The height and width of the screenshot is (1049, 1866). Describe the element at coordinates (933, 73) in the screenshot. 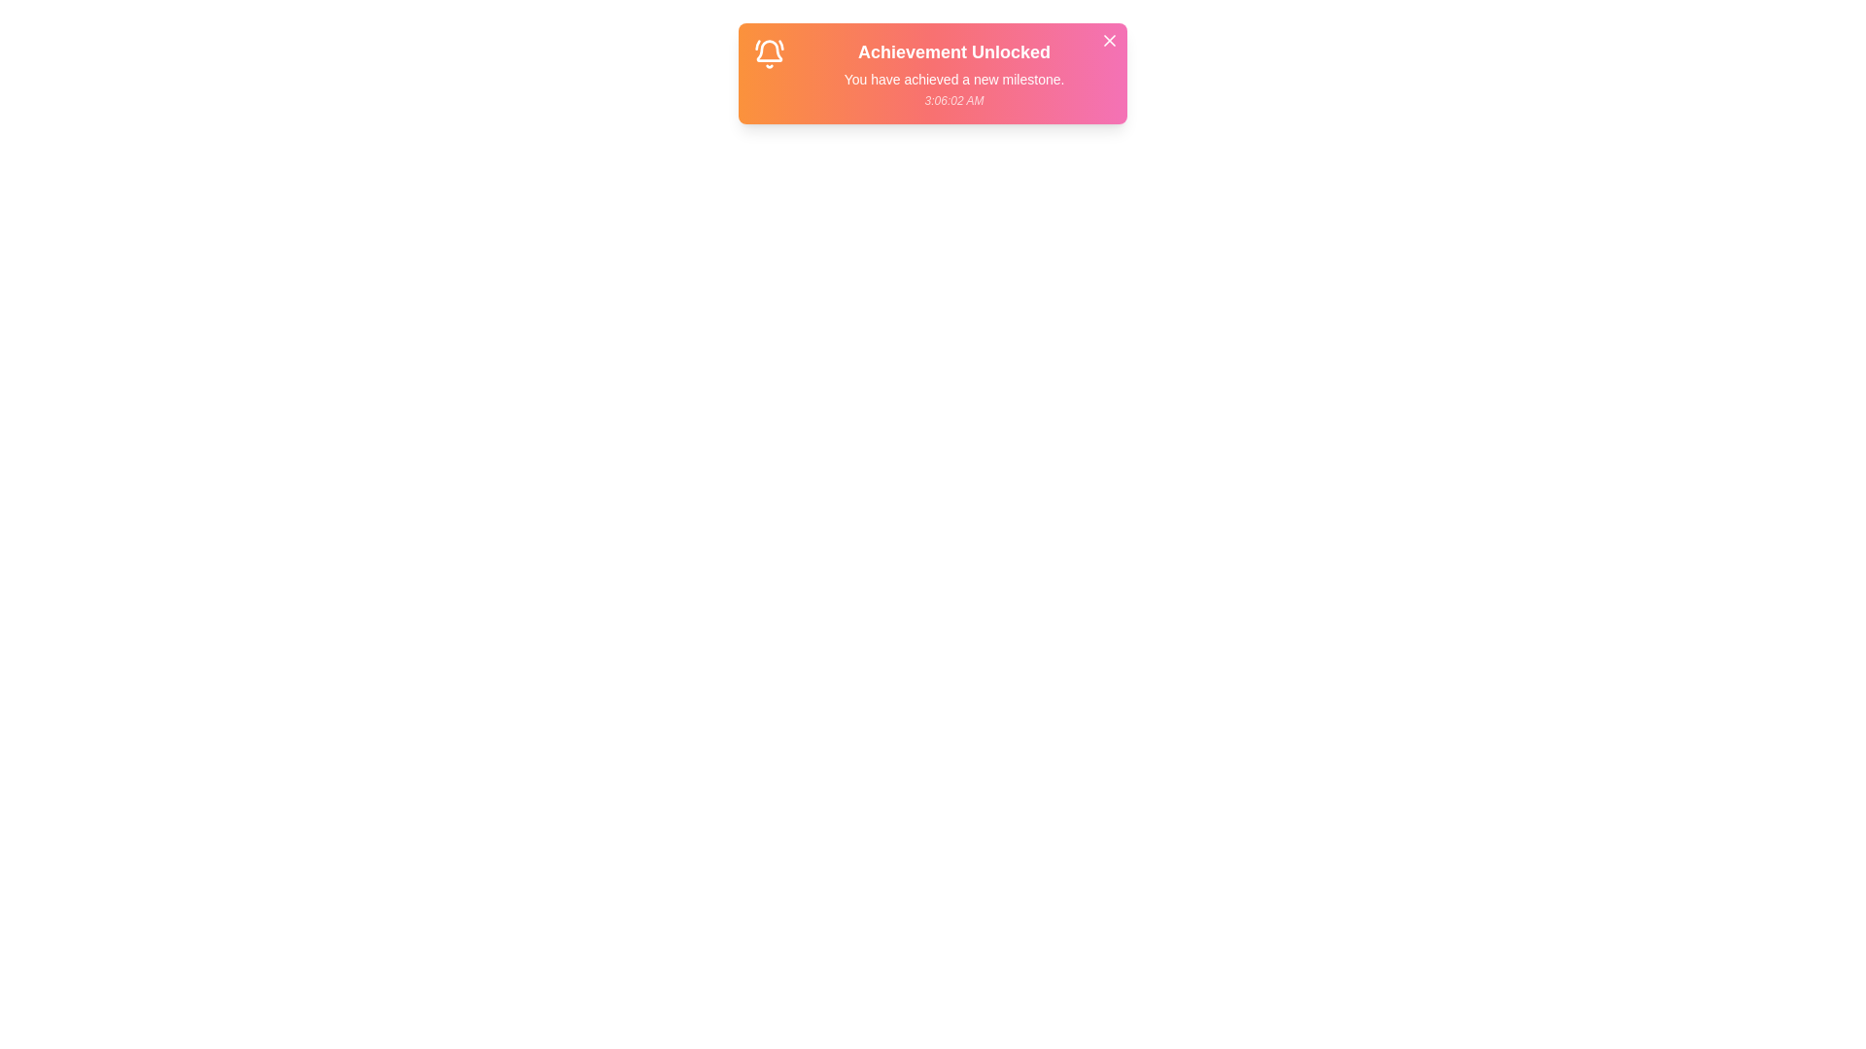

I see `the notification to observe hover effects` at that location.